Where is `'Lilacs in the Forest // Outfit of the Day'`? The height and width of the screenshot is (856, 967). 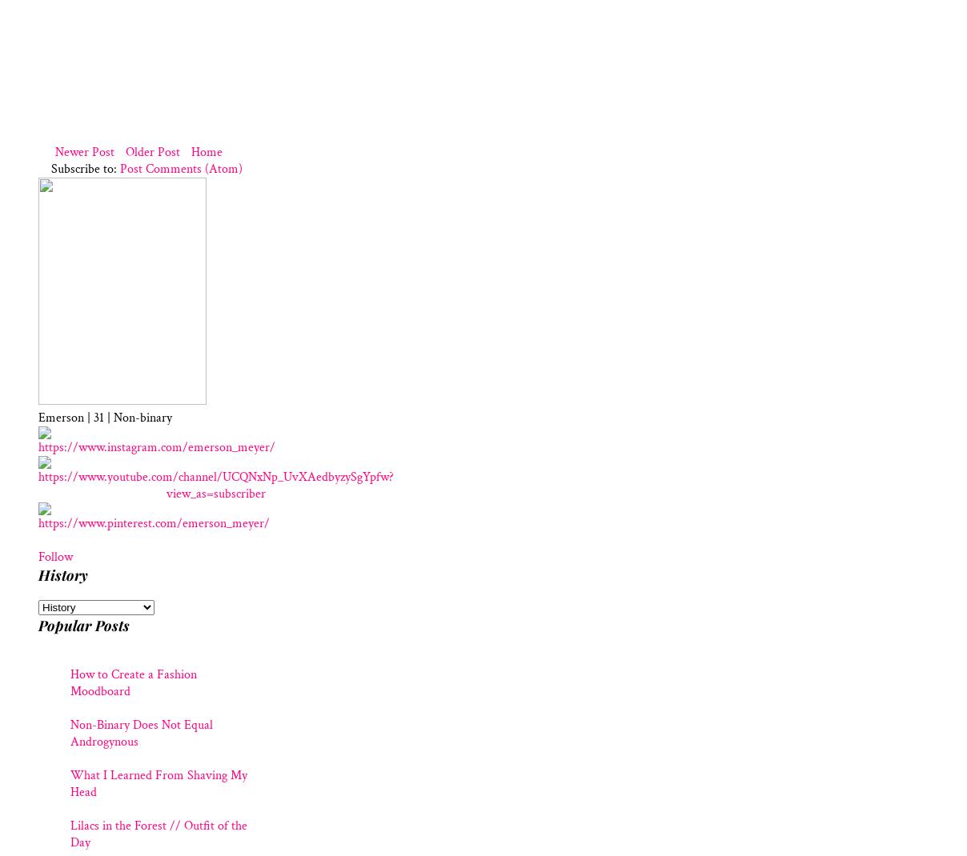
'Lilacs in the Forest // Outfit of the Day' is located at coordinates (158, 833).